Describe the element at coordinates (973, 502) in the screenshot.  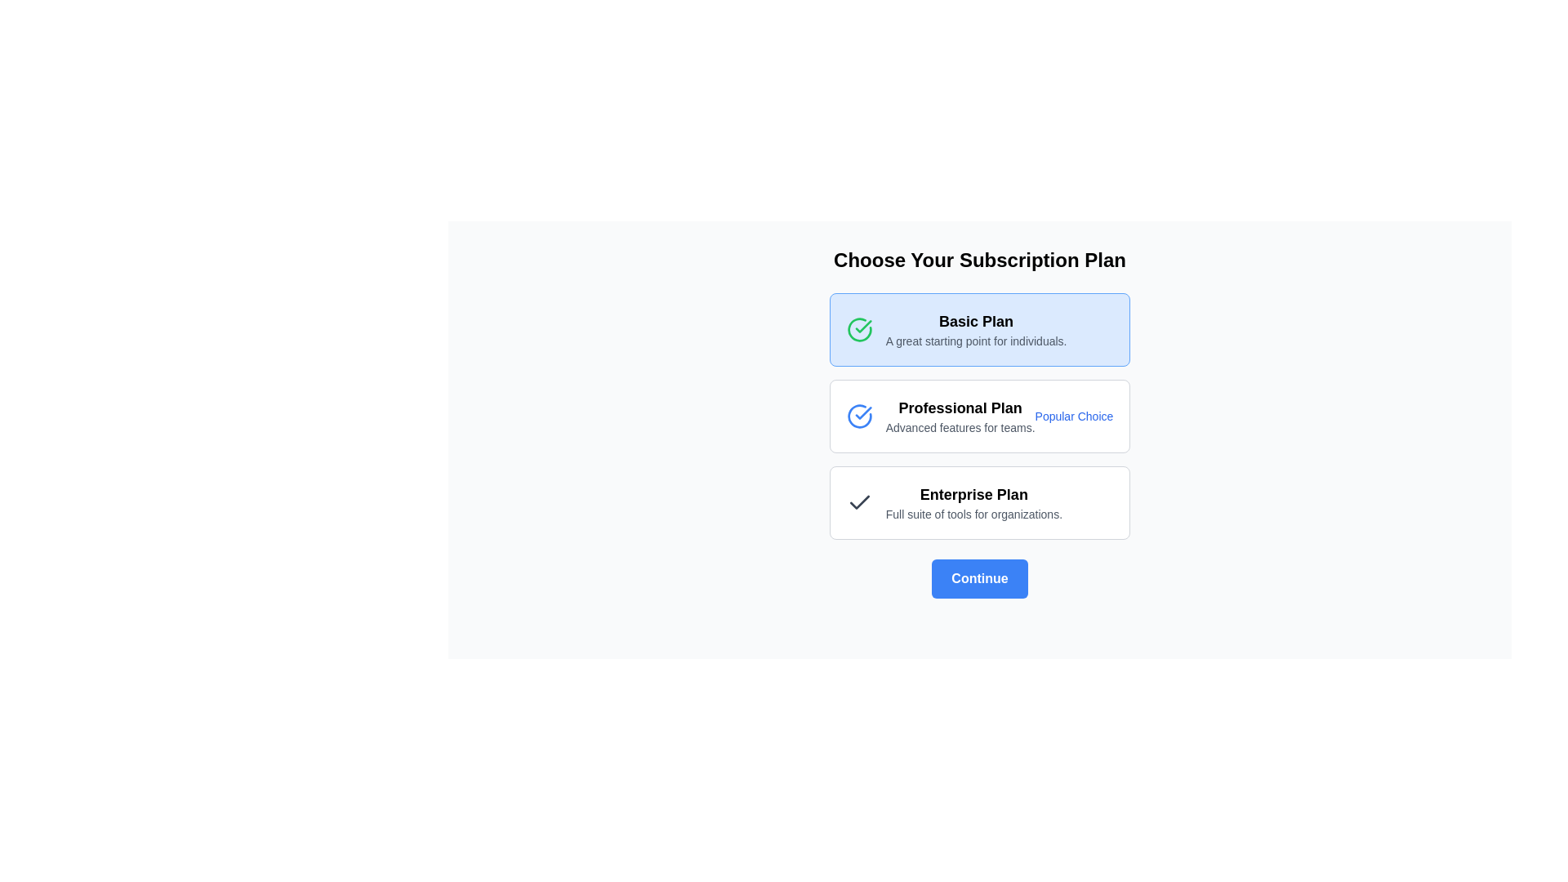
I see `text description of the subscription plan labeled 'Enterprise Plan', which is centrally located within the third plan option in the vertical subscription plan list, positioned below the 'Professional Plan' and above the 'Continue' button` at that location.